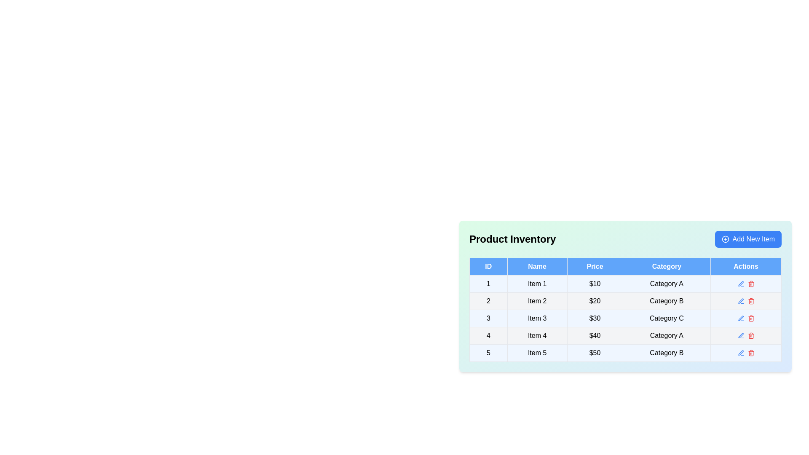  What do you see at coordinates (488, 284) in the screenshot?
I see `the non-interactive text element representing the ID field of the row for 'Item 1' in the table, which is the first cell under the 'ID' header` at bounding box center [488, 284].